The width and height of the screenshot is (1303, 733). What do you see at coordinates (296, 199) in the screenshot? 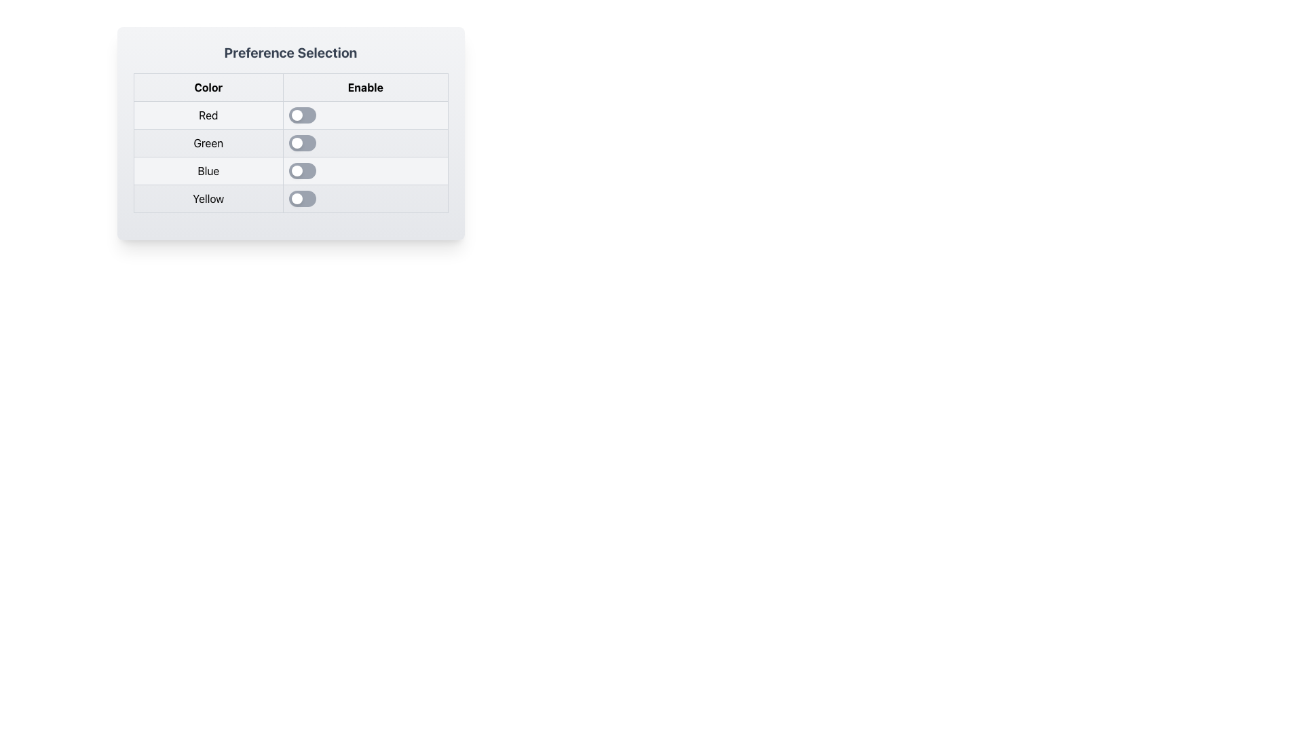
I see `the circular toggle knob in the 'Enable' column of the 'Yellow' row` at bounding box center [296, 199].